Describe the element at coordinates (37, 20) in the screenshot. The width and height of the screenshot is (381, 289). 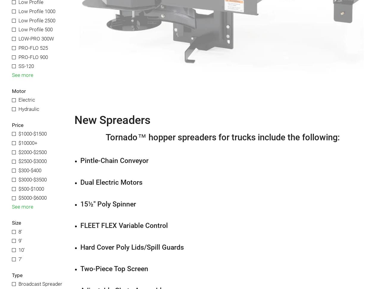
I see `'Low Profile 2500'` at that location.